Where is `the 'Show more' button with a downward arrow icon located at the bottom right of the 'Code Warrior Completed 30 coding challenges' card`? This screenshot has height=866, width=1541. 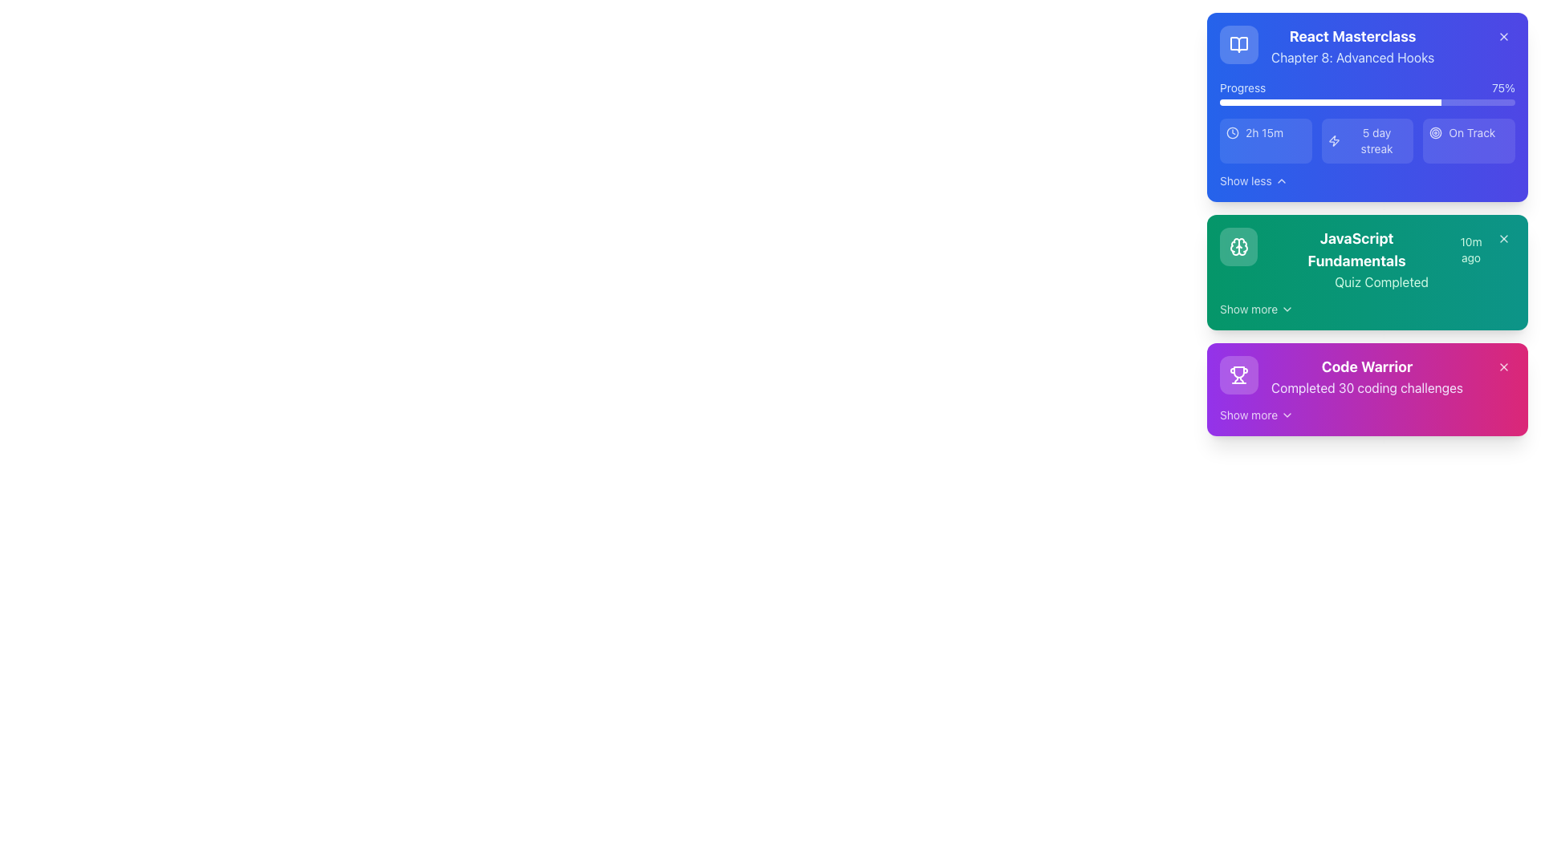
the 'Show more' button with a downward arrow icon located at the bottom right of the 'Code Warrior Completed 30 coding challenges' card is located at coordinates (1256, 414).